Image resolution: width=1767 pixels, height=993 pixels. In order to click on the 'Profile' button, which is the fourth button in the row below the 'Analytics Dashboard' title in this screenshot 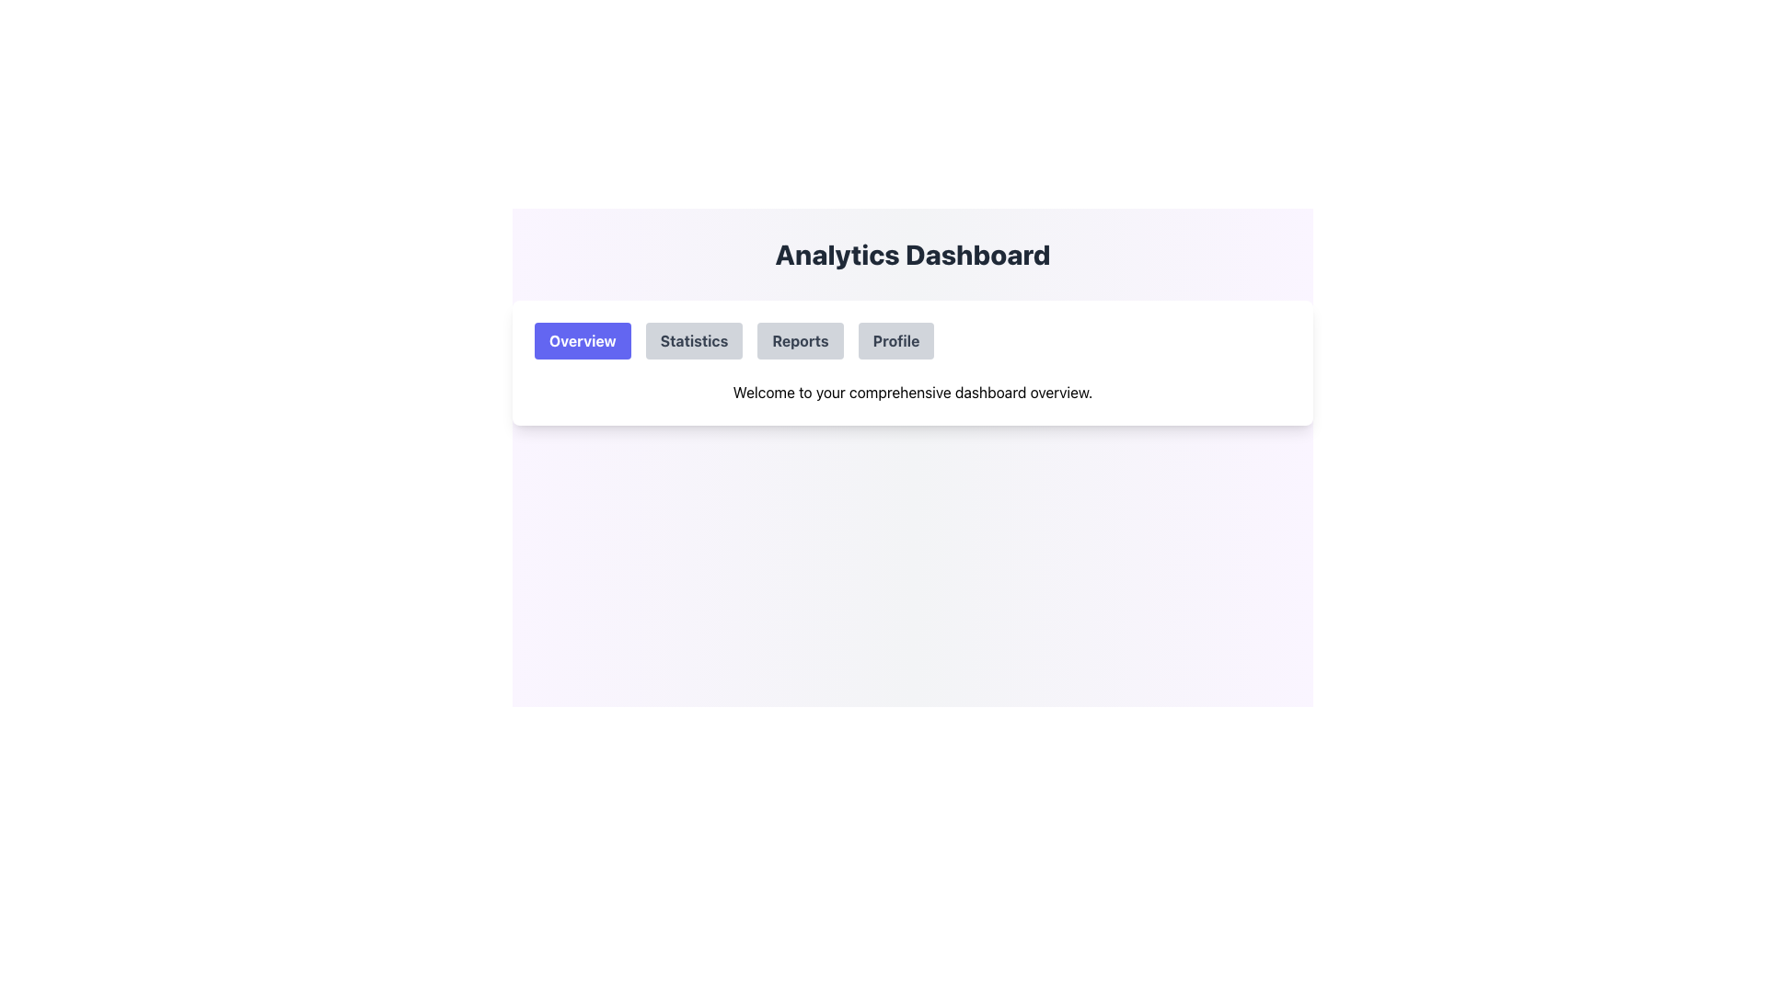, I will do `click(896, 340)`.